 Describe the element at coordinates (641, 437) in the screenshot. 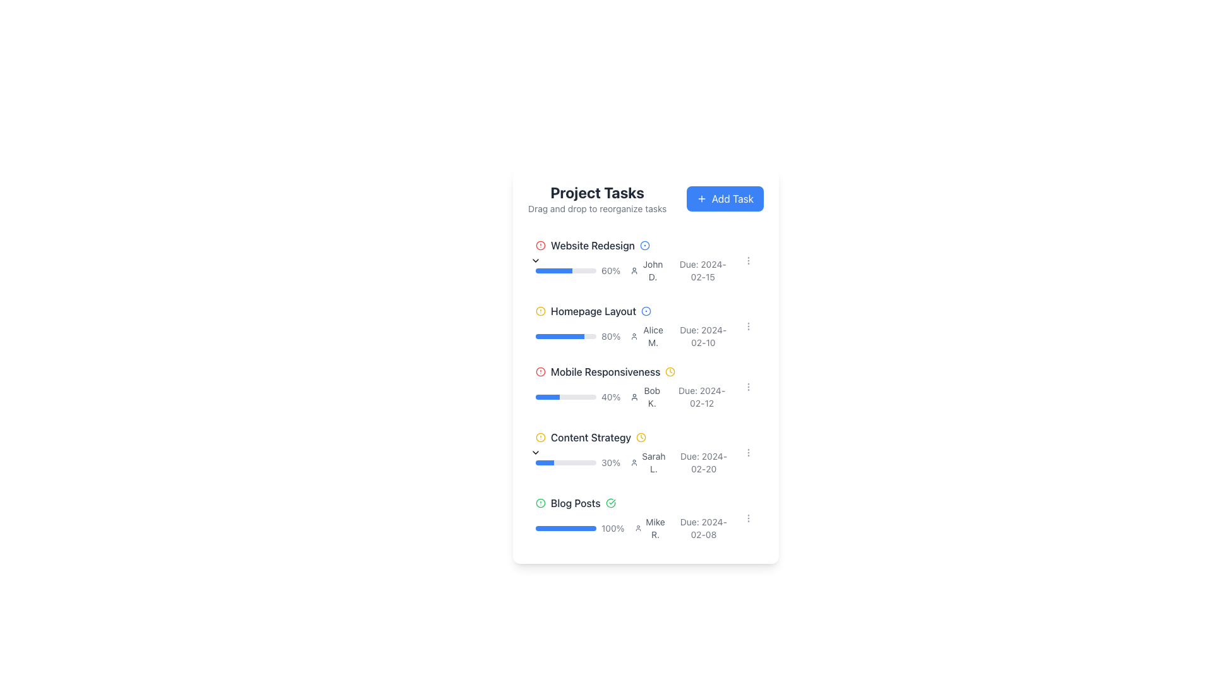

I see `the circular icon with a yellow border and a white fill, which is positioned to the left of the task titles like 'Mobile Responsiveness' or 'Homepage Layout'` at that location.